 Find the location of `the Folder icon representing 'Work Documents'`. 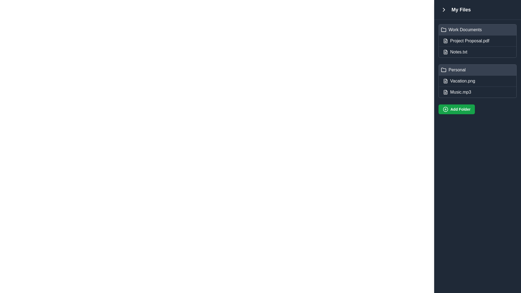

the Folder icon representing 'Work Documents' is located at coordinates (444, 30).